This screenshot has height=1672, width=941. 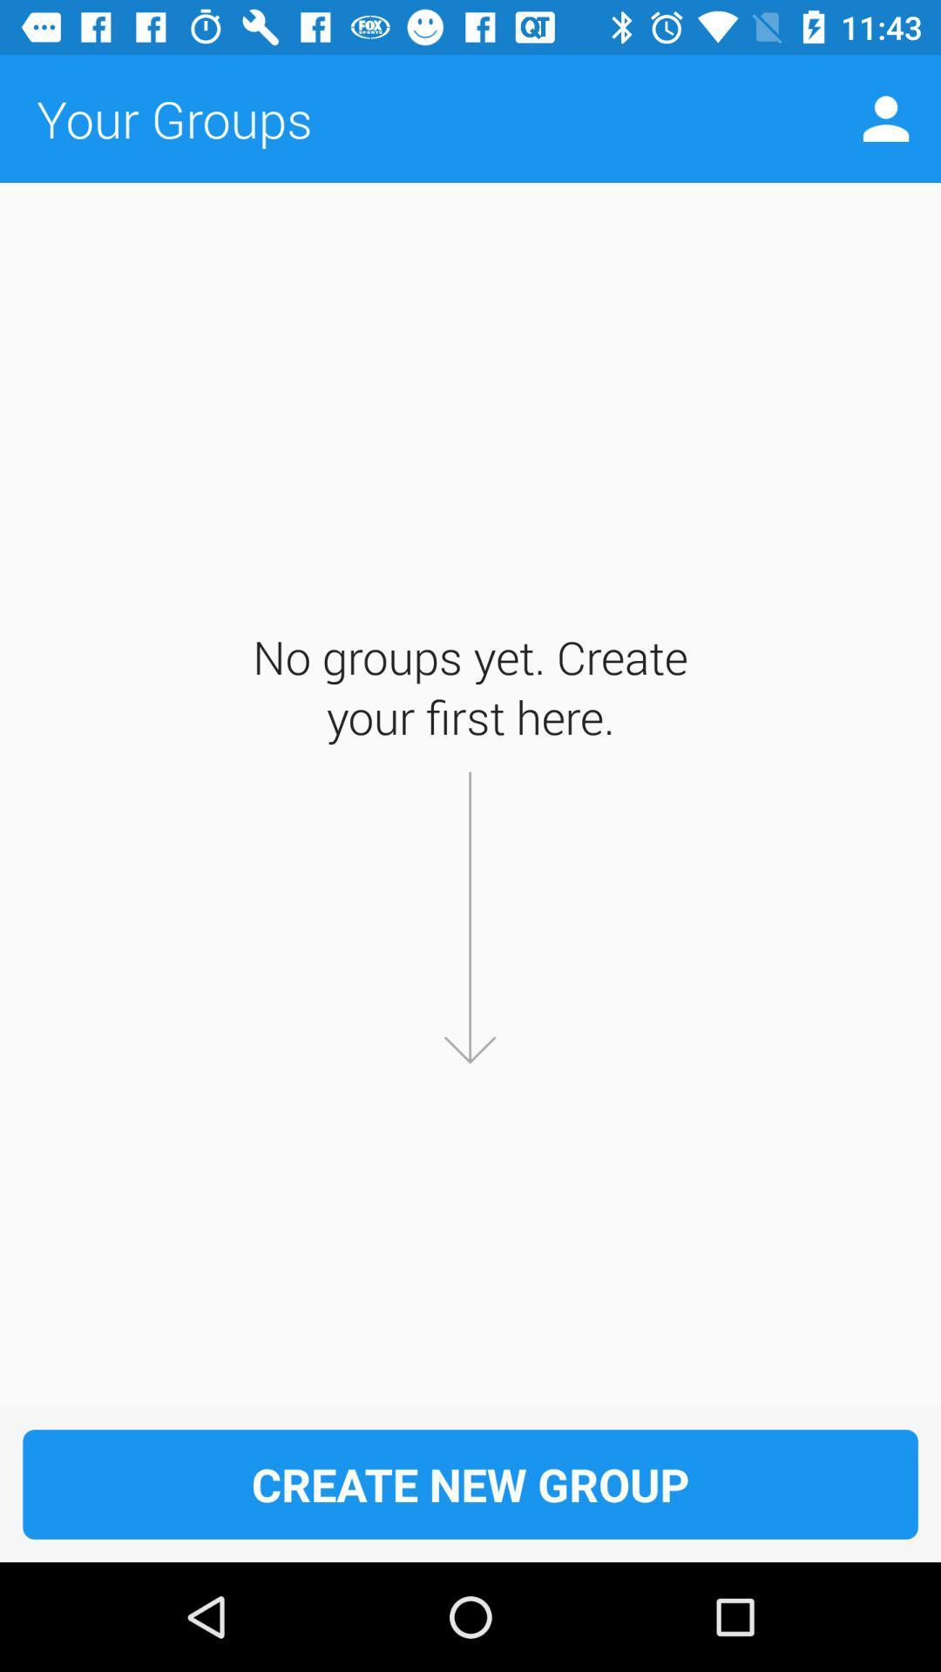 I want to click on the item at the top right corner, so click(x=886, y=118).